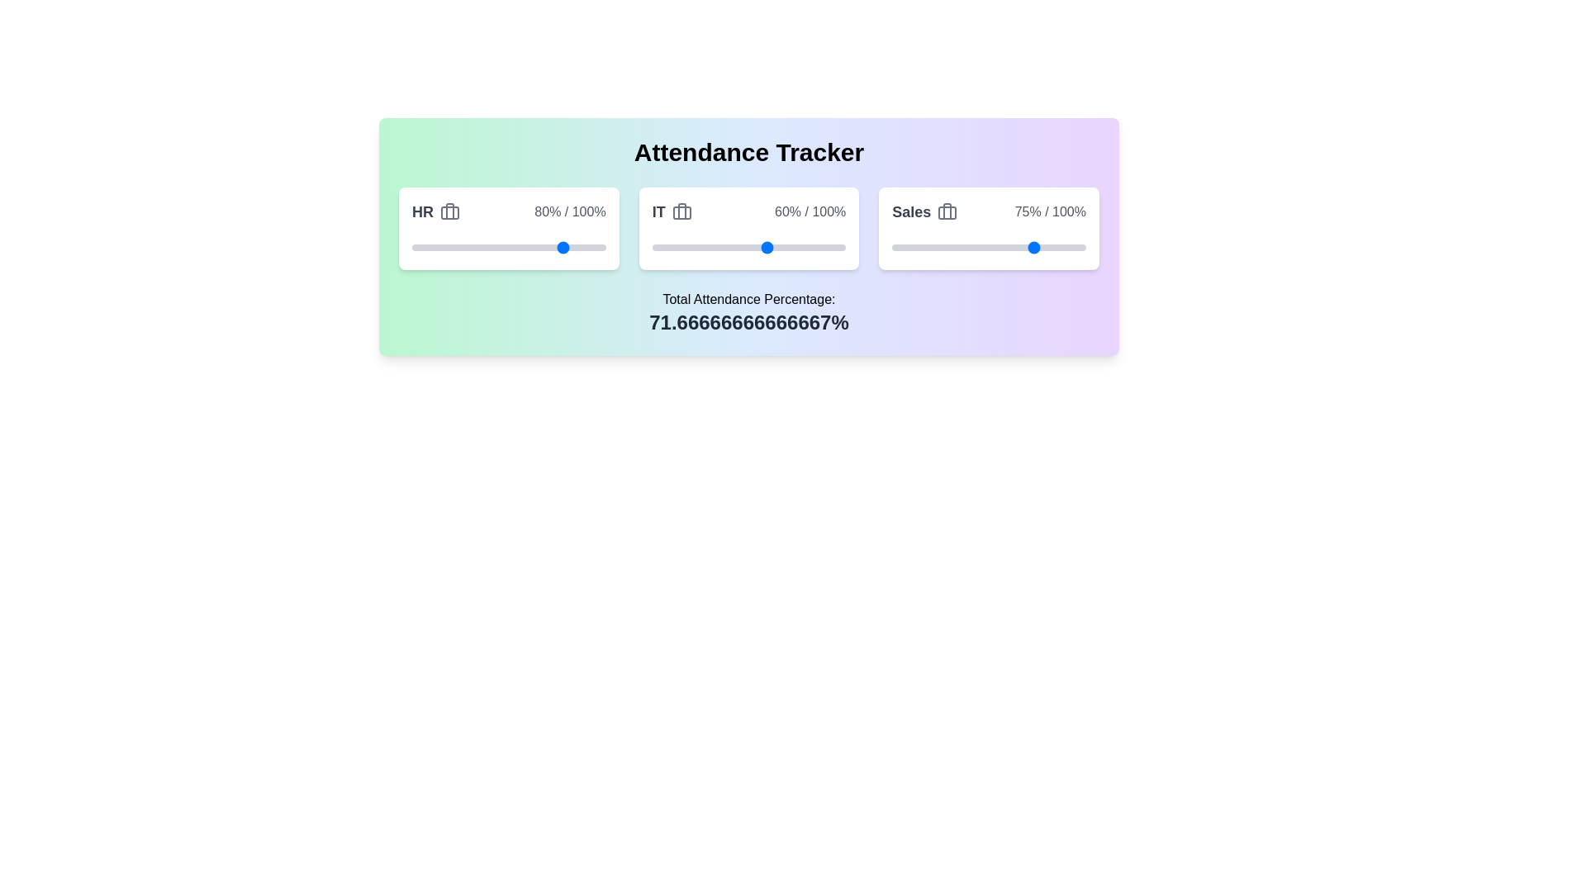 The image size is (1586, 892). I want to click on the IT attendance slider, so click(769, 248).